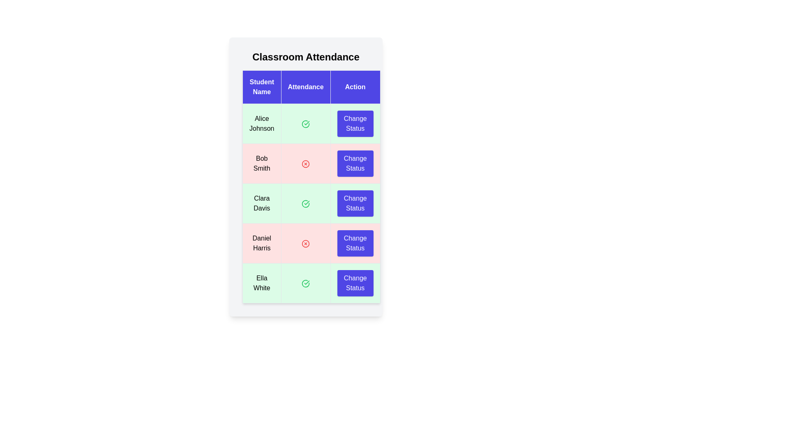 The height and width of the screenshot is (444, 789). Describe the element at coordinates (355, 203) in the screenshot. I see `'Change Status' button for the student Clara Davis` at that location.